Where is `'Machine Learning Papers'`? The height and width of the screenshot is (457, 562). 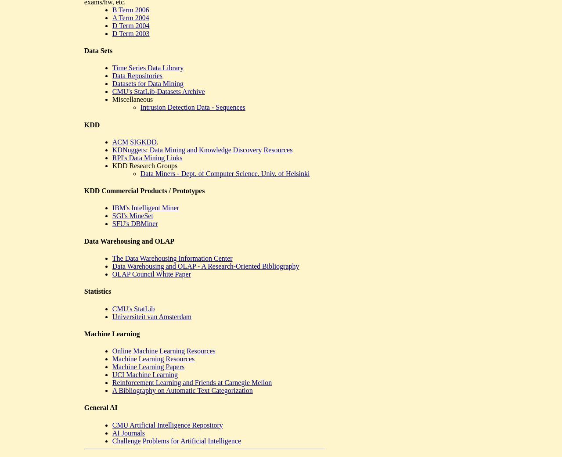 'Machine Learning Papers' is located at coordinates (111, 366).